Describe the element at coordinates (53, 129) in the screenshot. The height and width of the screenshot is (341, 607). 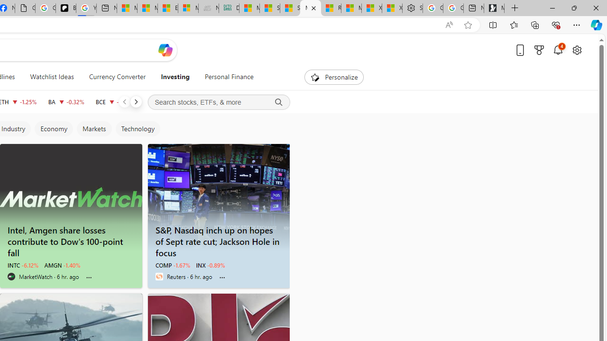
I see `'Economy'` at that location.